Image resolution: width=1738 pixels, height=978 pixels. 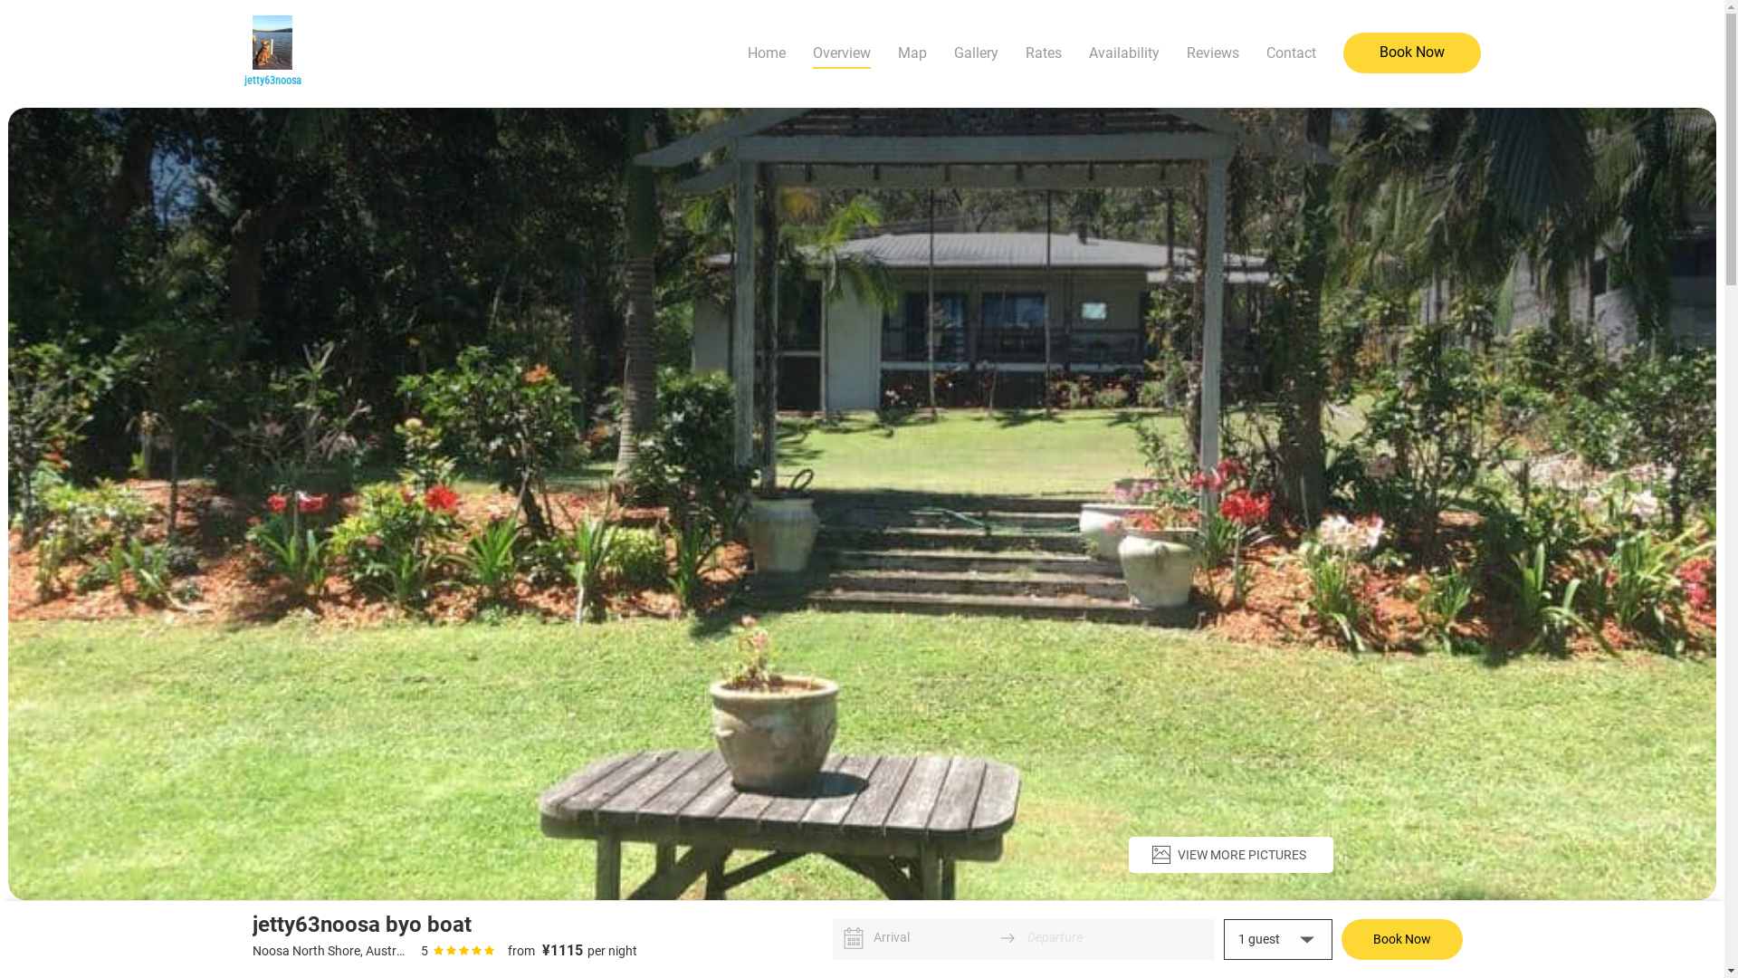 I want to click on 'Overview', so click(x=811, y=52).